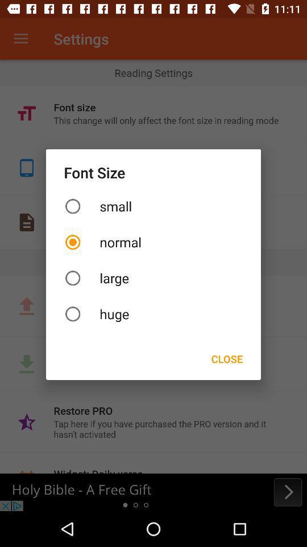 This screenshot has height=547, width=307. Describe the element at coordinates (153, 277) in the screenshot. I see `the item below normal item` at that location.